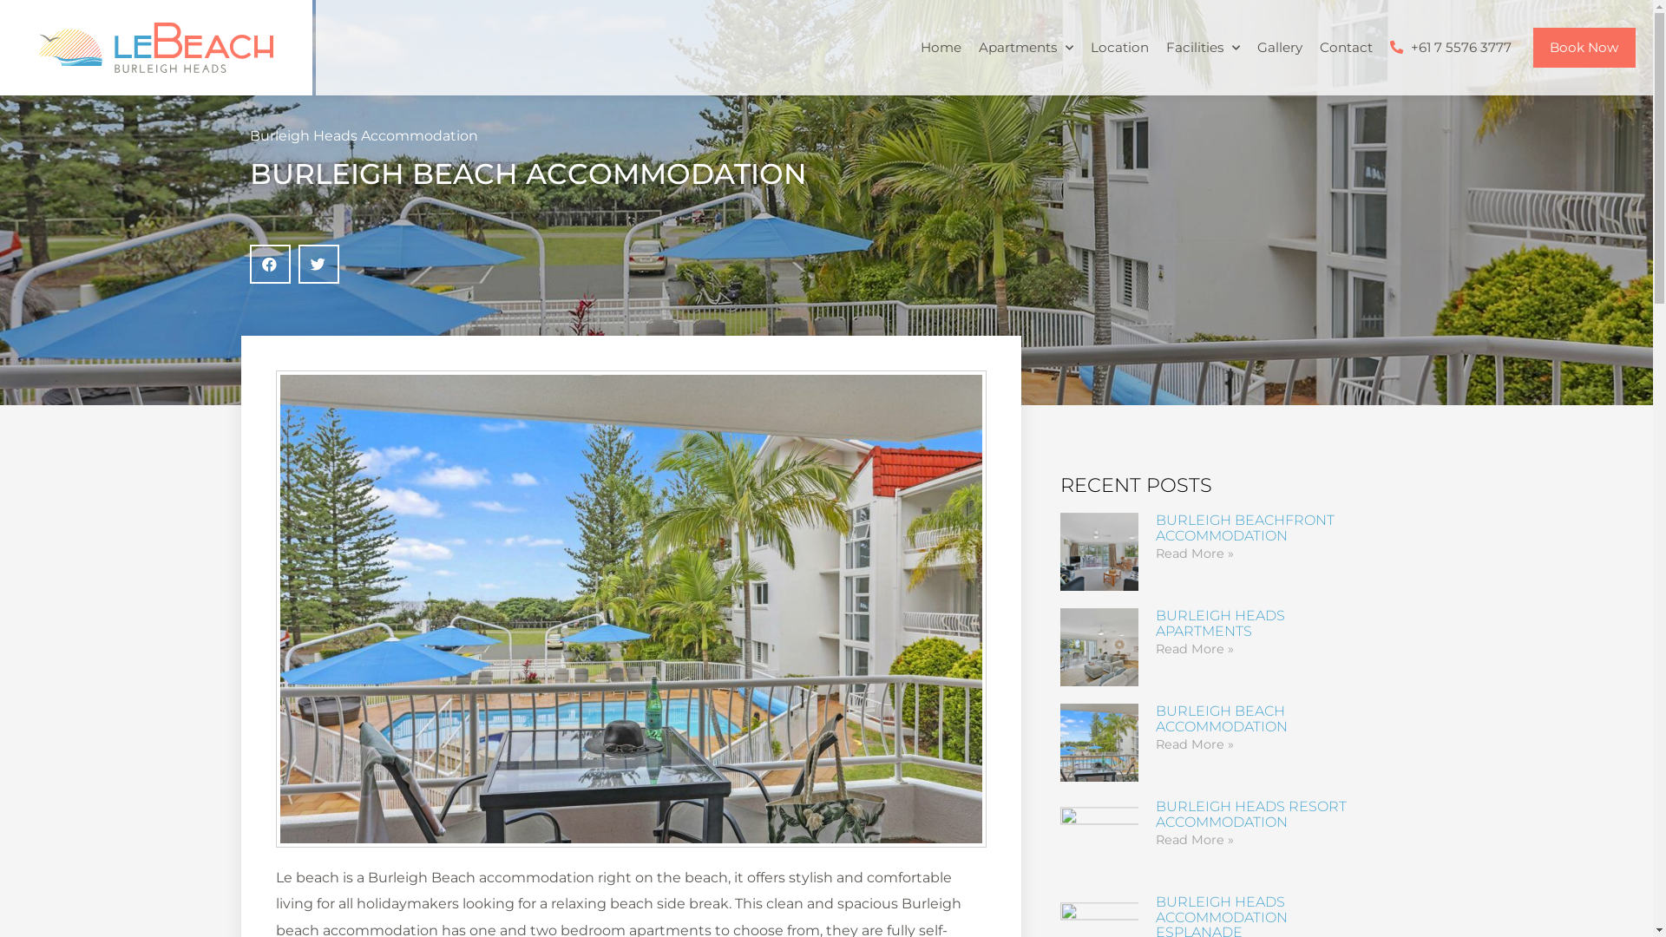  Describe the element at coordinates (1250, 814) in the screenshot. I see `'BURLEIGH HEADS RESORT ACCOMMODATION'` at that location.